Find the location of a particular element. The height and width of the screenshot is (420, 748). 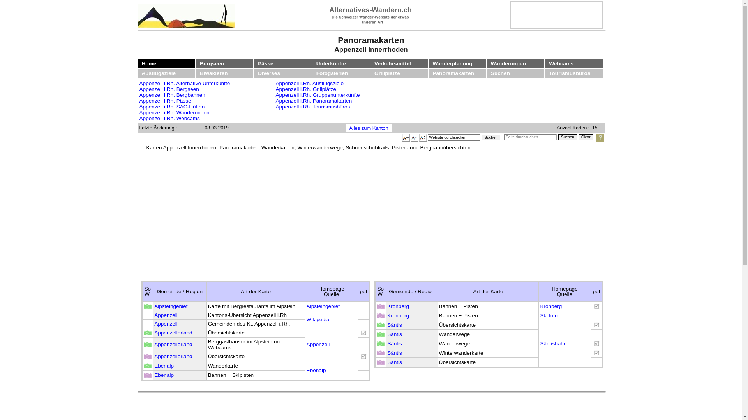

'Suchen' is located at coordinates (490, 137).